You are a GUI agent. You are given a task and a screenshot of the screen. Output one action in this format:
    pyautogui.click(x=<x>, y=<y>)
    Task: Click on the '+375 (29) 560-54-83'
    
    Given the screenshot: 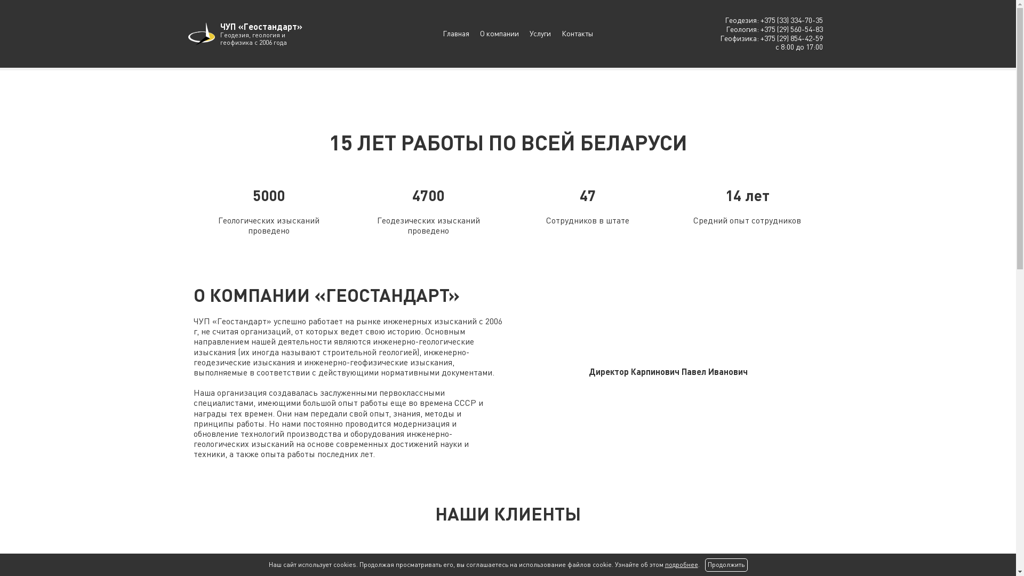 What is the action you would take?
    pyautogui.click(x=791, y=28)
    